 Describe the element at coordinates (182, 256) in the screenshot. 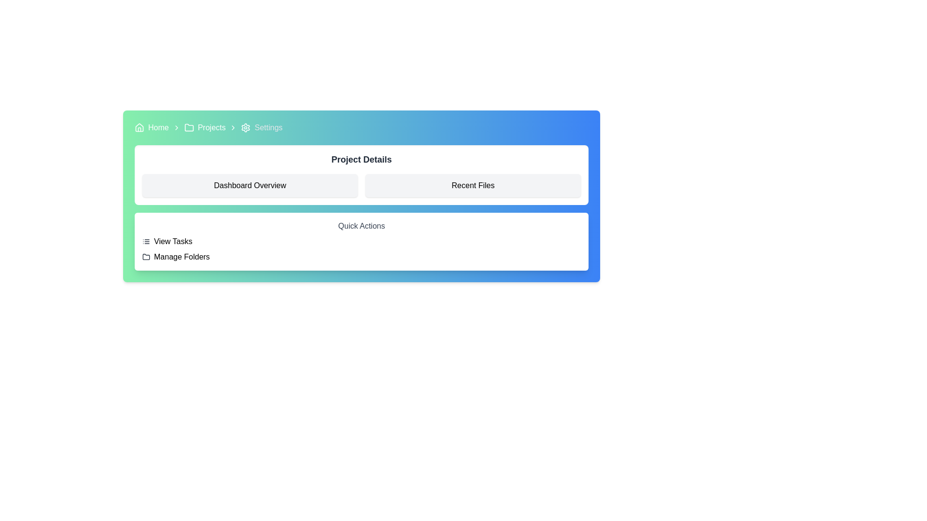

I see `the label that directs the user to manage folder-related tasks, located to the right of a folder icon and below a sibling labeled 'View Tasks' in the 'Quick Actions' section` at that location.